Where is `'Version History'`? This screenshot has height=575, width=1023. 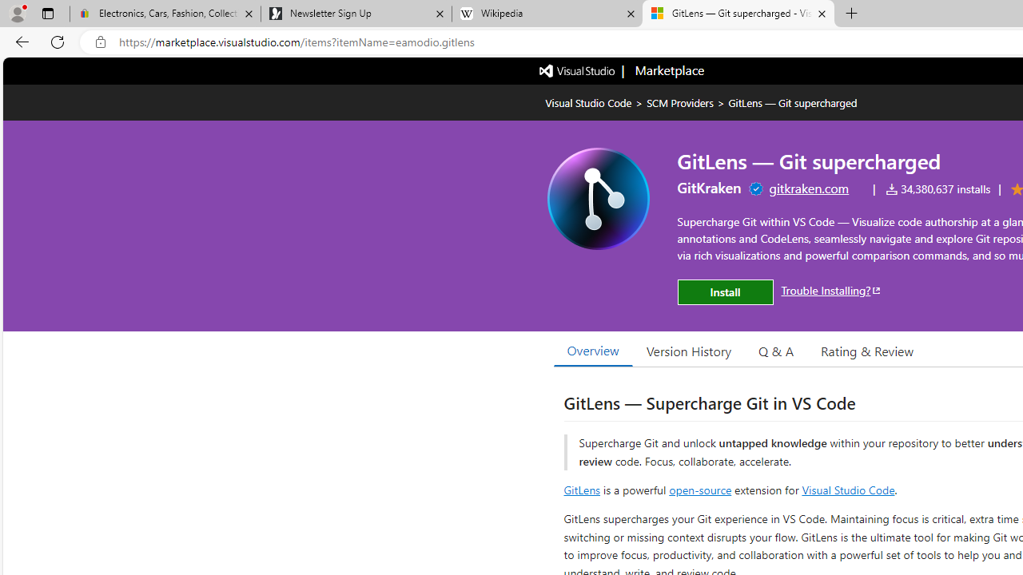 'Version History' is located at coordinates (689, 350).